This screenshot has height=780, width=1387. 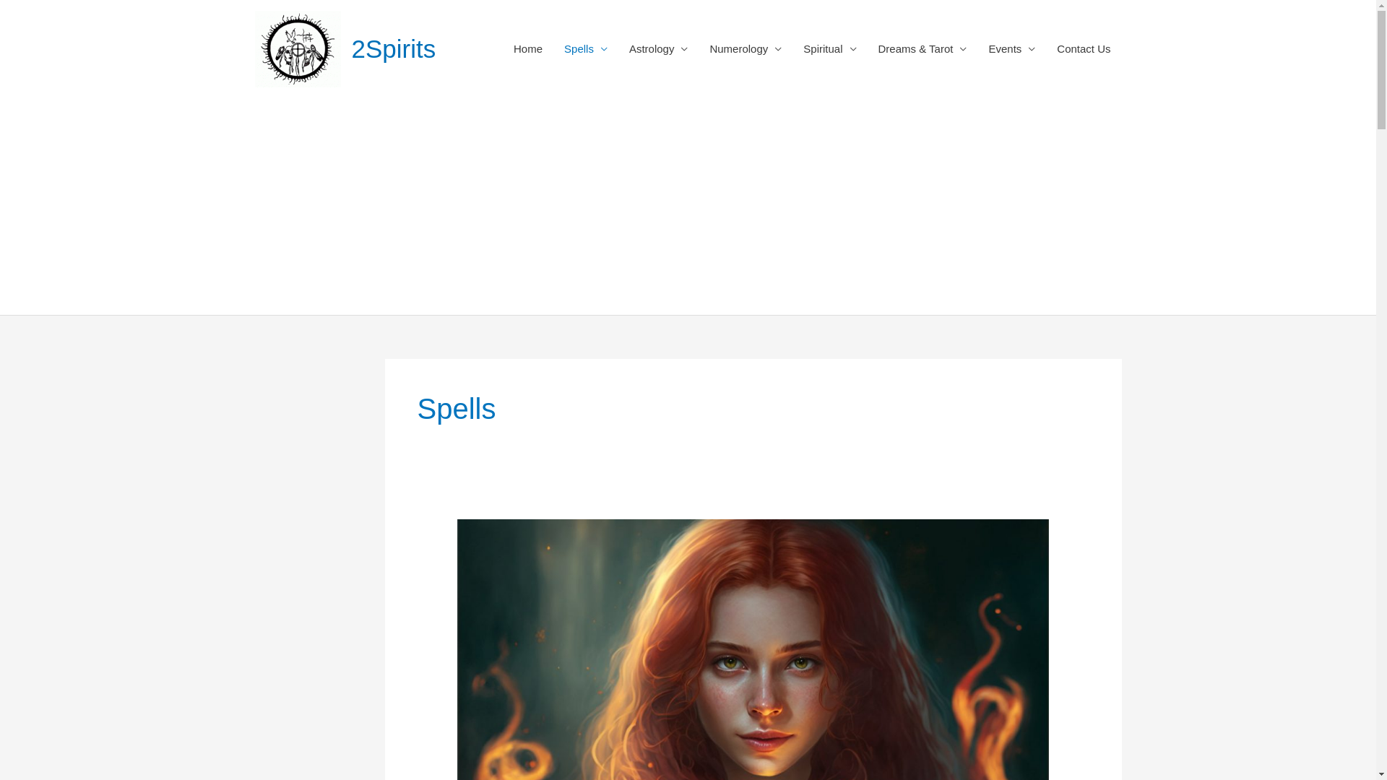 I want to click on 'Numerology', so click(x=746, y=48).